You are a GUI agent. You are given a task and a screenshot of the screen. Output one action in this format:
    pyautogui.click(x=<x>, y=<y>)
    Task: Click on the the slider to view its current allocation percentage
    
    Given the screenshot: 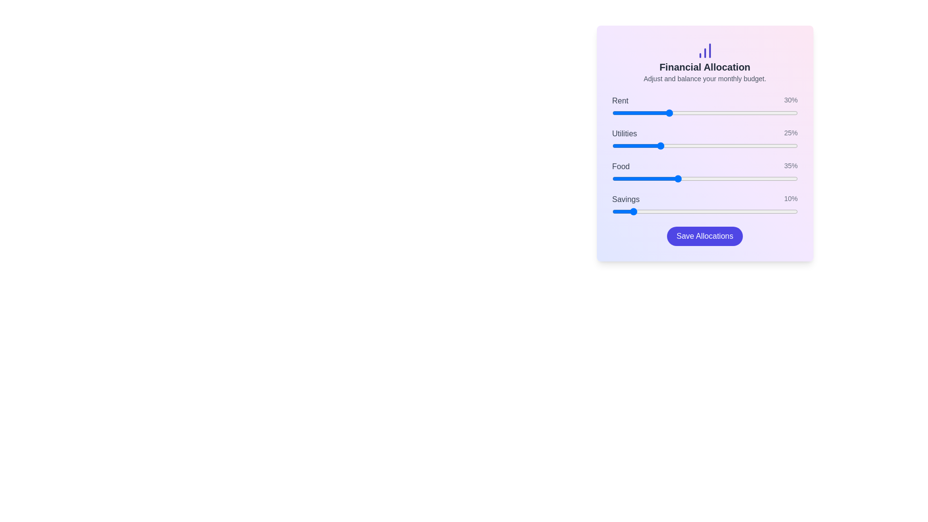 What is the action you would take?
    pyautogui.click(x=705, y=113)
    